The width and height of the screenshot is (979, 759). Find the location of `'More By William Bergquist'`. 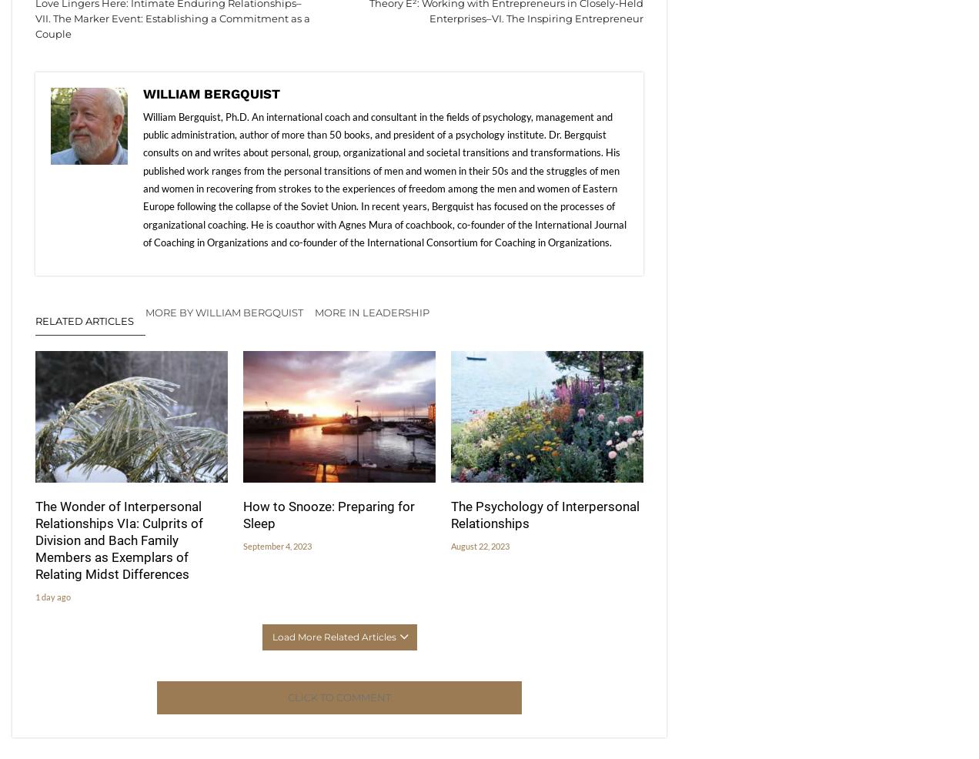

'More By William Bergquist' is located at coordinates (145, 311).